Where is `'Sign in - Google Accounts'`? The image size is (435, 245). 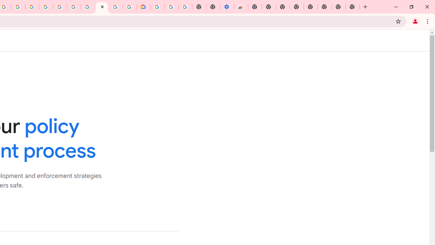
'Sign in - Google Accounts' is located at coordinates (157, 7).